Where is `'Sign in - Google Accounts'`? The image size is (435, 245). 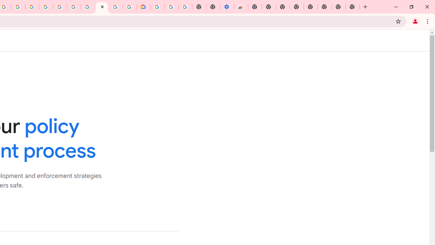
'Sign in - Google Accounts' is located at coordinates (157, 7).